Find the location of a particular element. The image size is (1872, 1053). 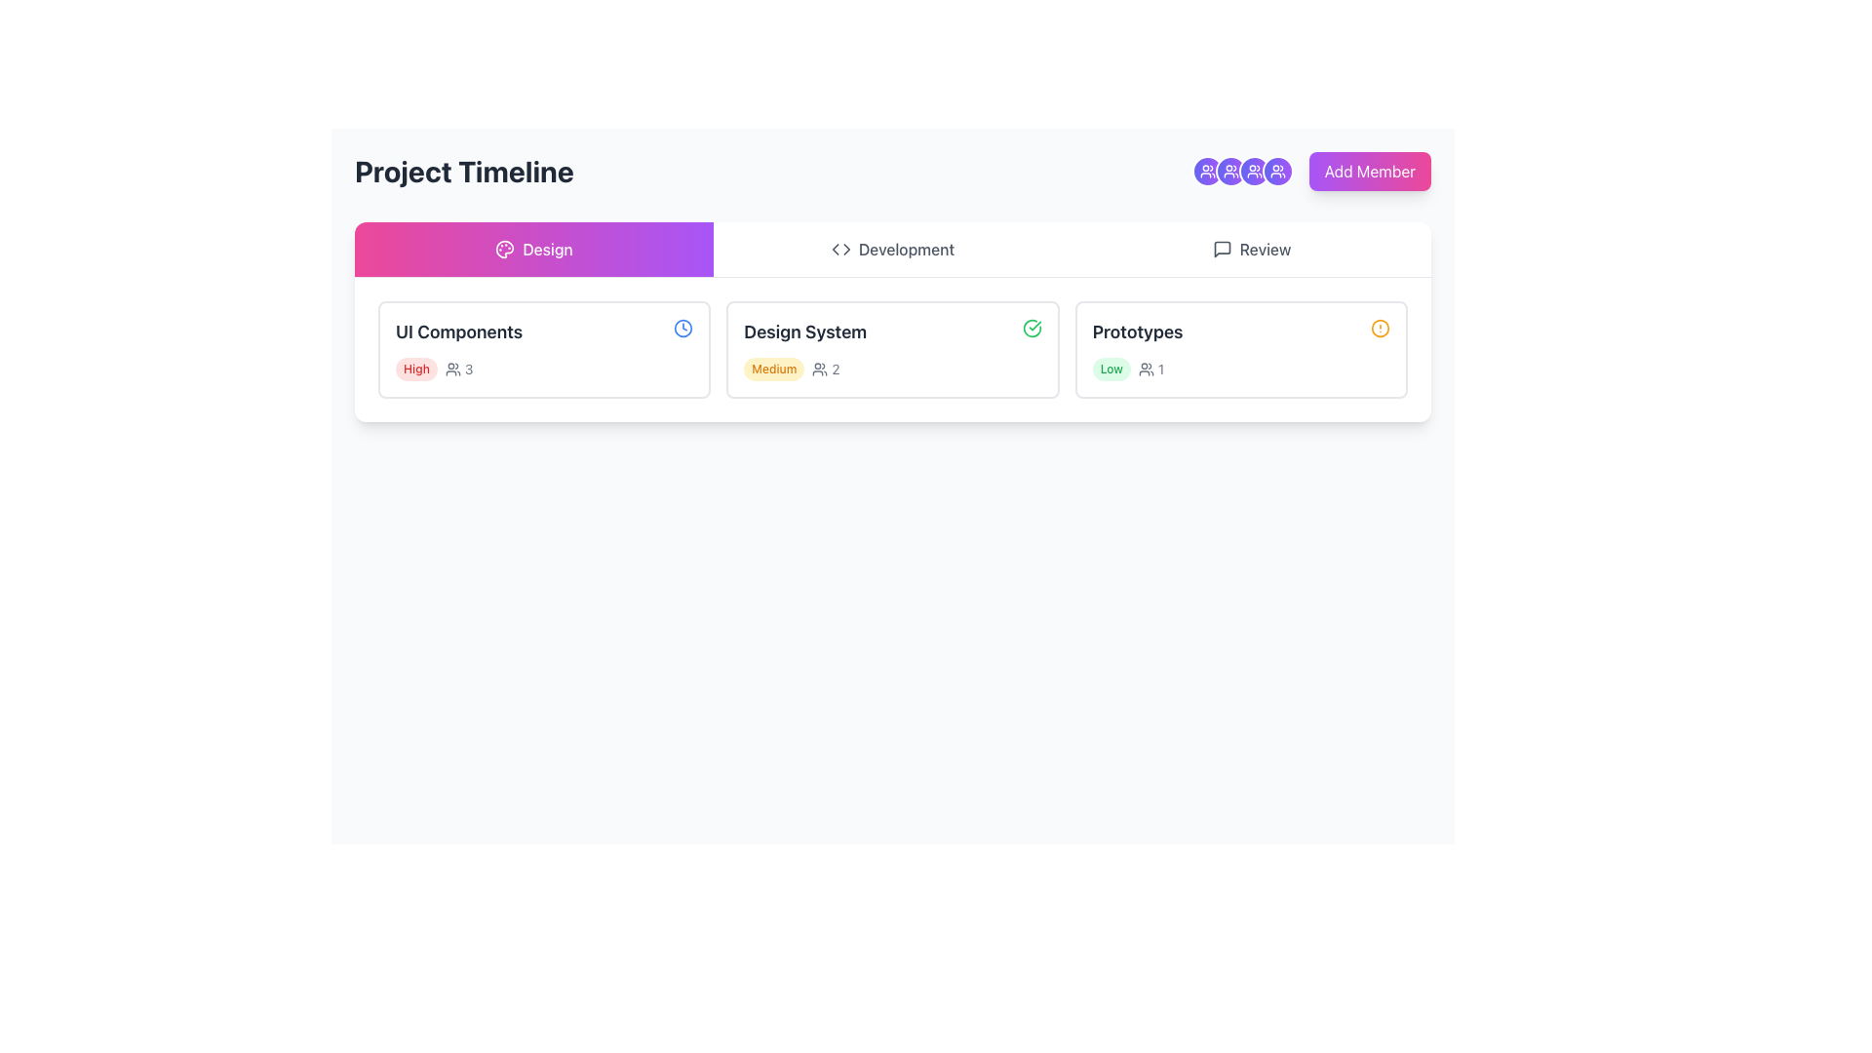

the success icon located to the right of the 'Design System' text in the second card of the list is located at coordinates (1031, 327).